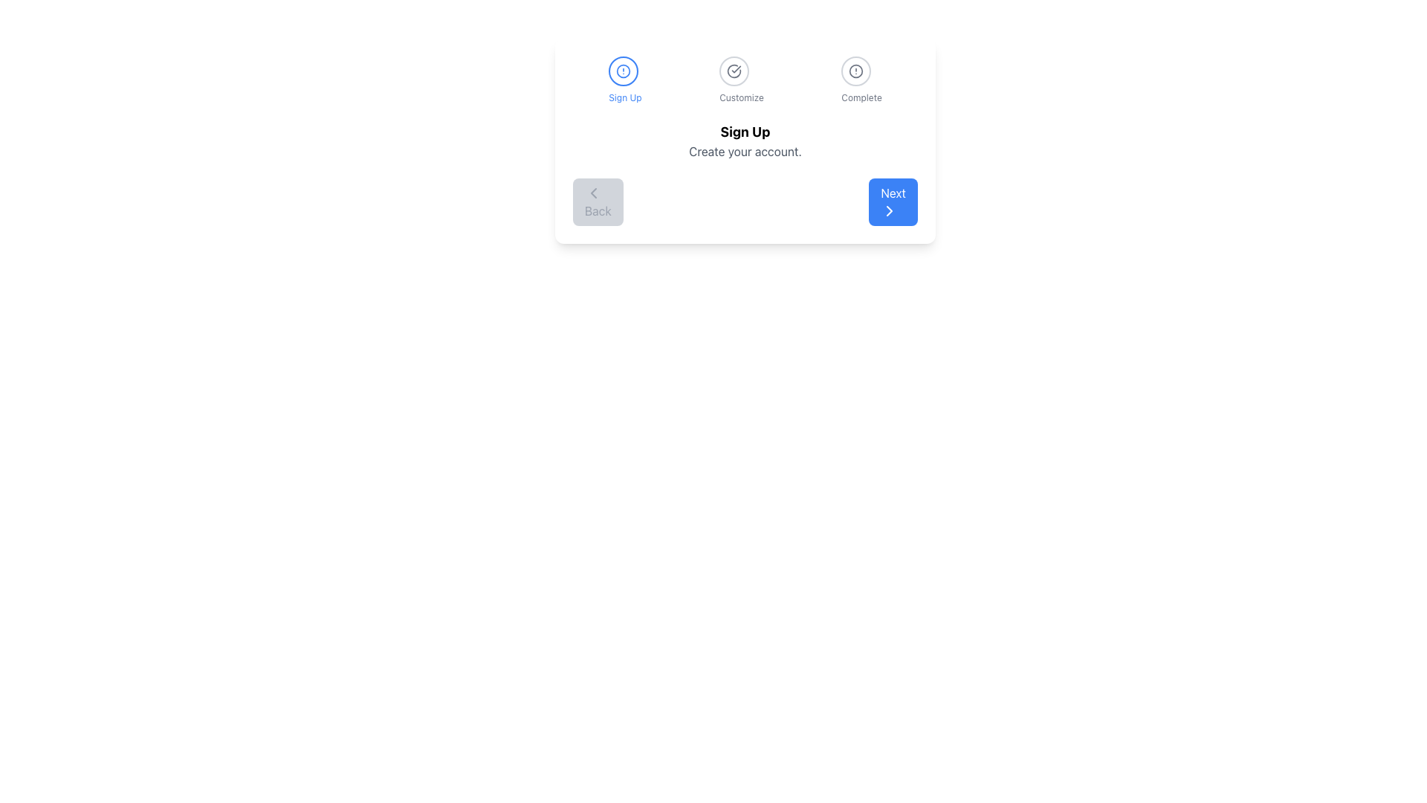  What do you see at coordinates (742, 97) in the screenshot?
I see `the 'Customize' text label, which is styled with a small font size and light gray color, located below a circular checkmark icon and centered within its group` at bounding box center [742, 97].